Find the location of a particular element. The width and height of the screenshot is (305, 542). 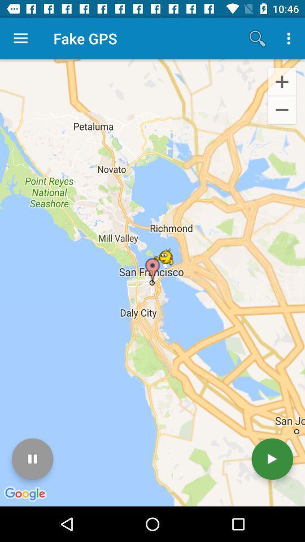

app next to the fake gps item is located at coordinates (20, 38).